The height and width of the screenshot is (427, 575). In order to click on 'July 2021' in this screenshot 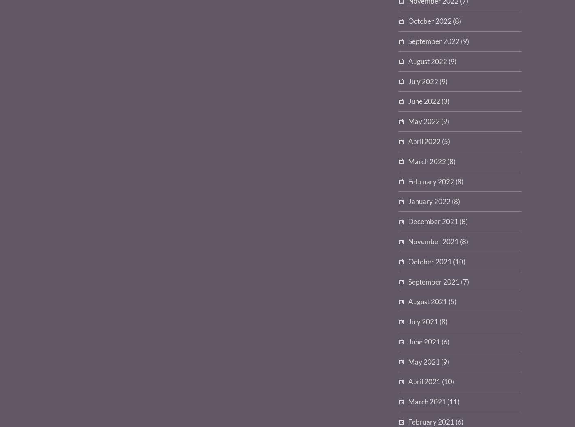, I will do `click(423, 321)`.